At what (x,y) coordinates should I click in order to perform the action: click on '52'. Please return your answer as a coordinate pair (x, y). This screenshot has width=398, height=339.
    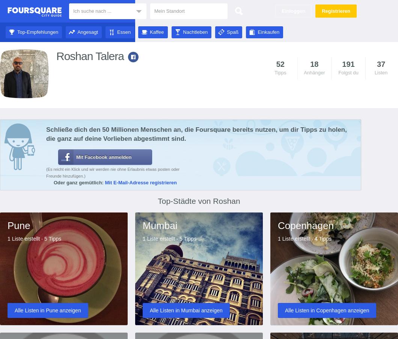
    Looking at the image, I should click on (276, 64).